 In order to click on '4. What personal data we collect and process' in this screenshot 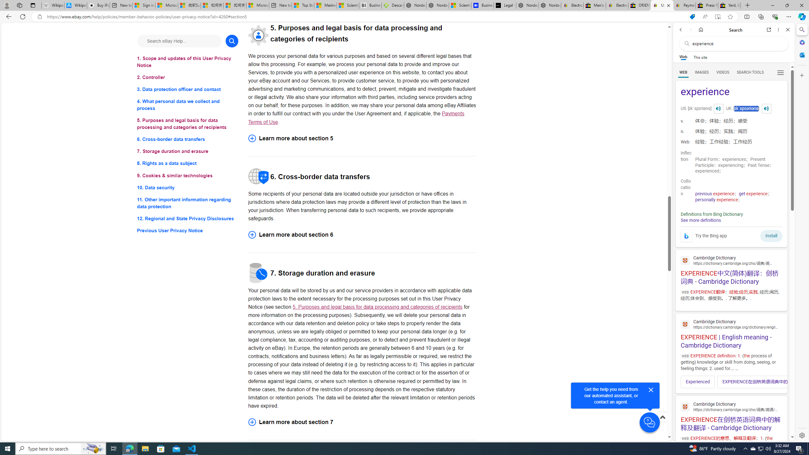, I will do `click(187, 105)`.